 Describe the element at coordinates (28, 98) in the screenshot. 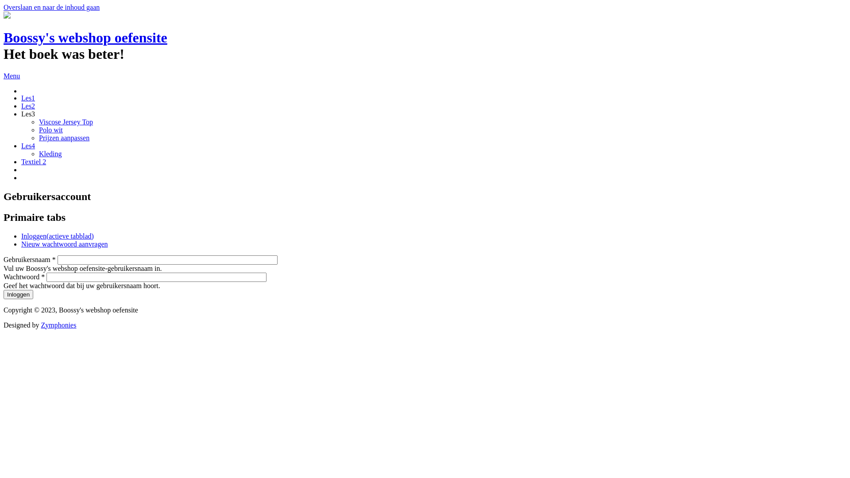

I see `'Les1'` at that location.